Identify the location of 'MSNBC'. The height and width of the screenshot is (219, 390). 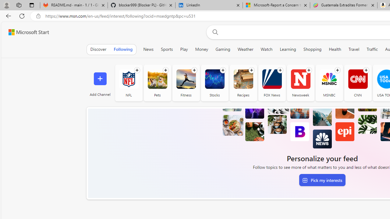
(329, 83).